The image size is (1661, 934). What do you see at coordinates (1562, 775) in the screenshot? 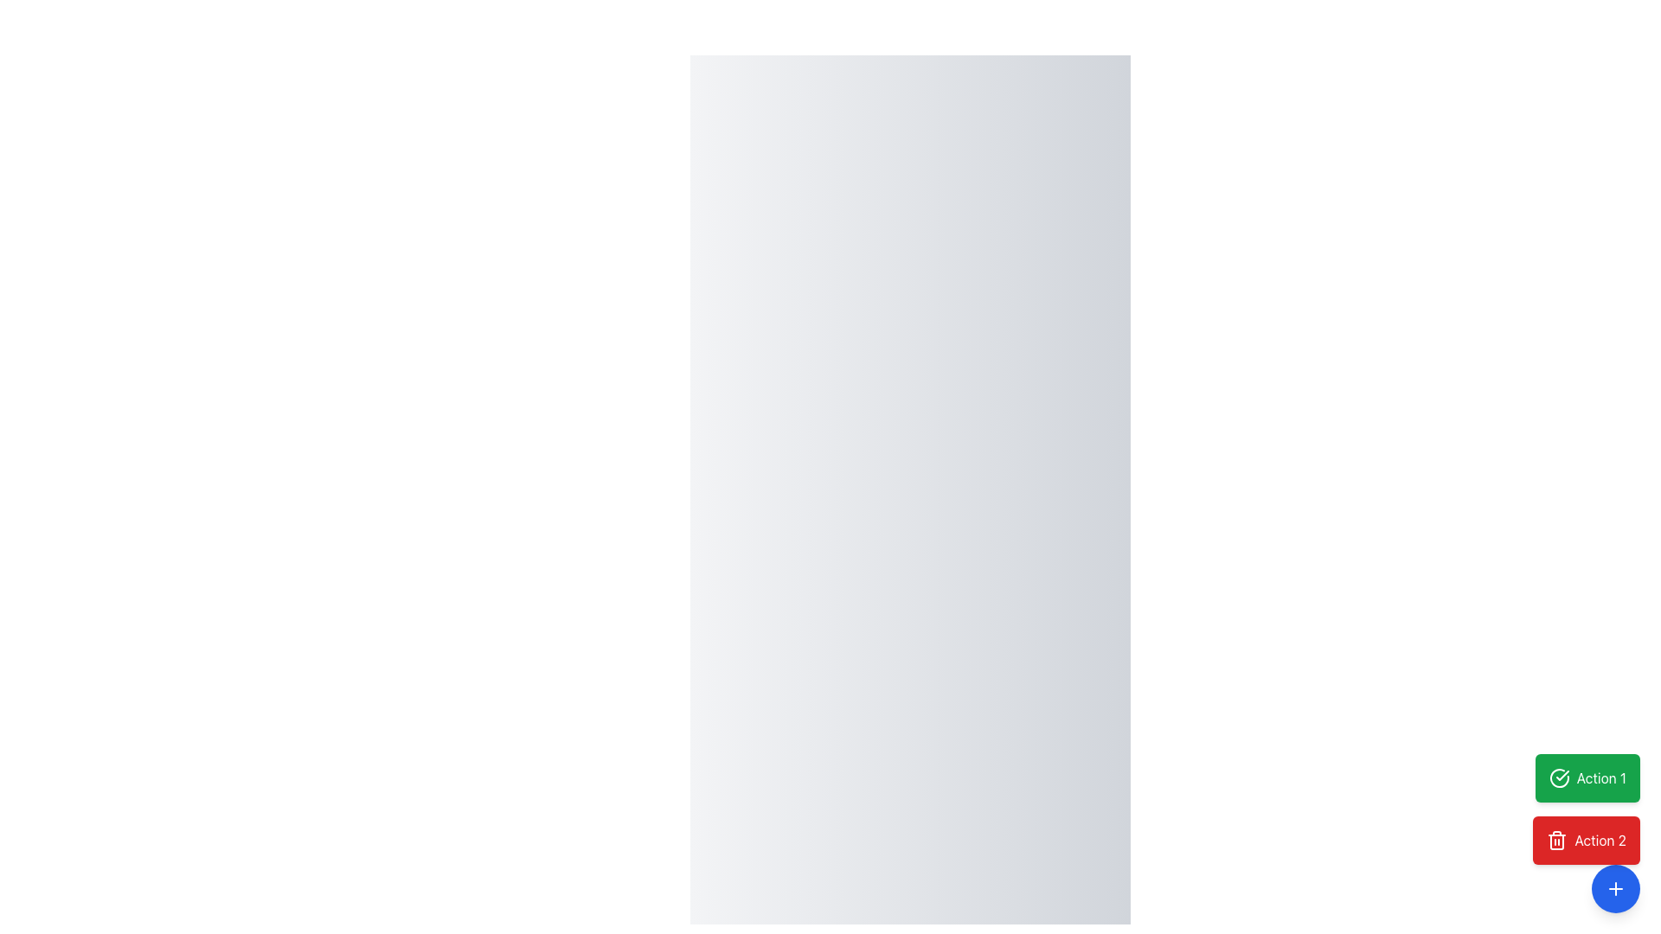
I see `the decorative icon within the green button labeled 'Action 1' located in the bottom-right section of the interface` at bounding box center [1562, 775].